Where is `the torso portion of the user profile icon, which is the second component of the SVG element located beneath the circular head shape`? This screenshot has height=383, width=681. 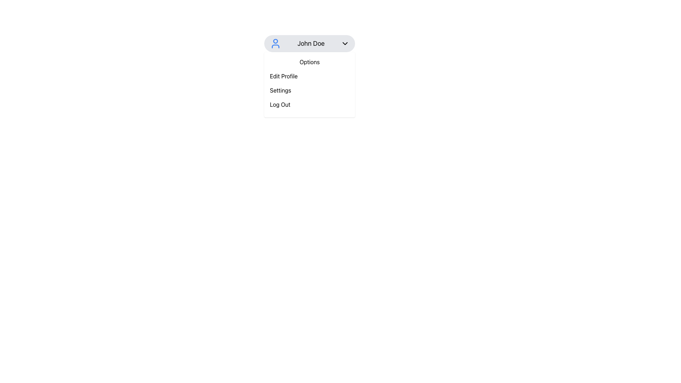
the torso portion of the user profile icon, which is the second component of the SVG element located beneath the circular head shape is located at coordinates (275, 46).